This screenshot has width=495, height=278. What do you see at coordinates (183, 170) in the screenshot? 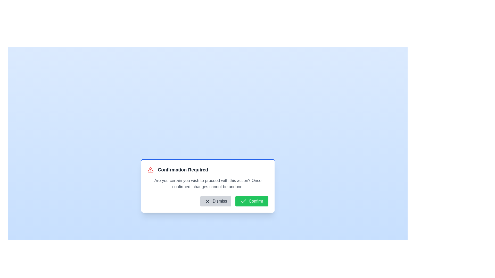
I see `text label displaying 'Confirmation Required', which is a bold, large font text located next to a red warning icon at the top of the confirmation modal` at bounding box center [183, 170].